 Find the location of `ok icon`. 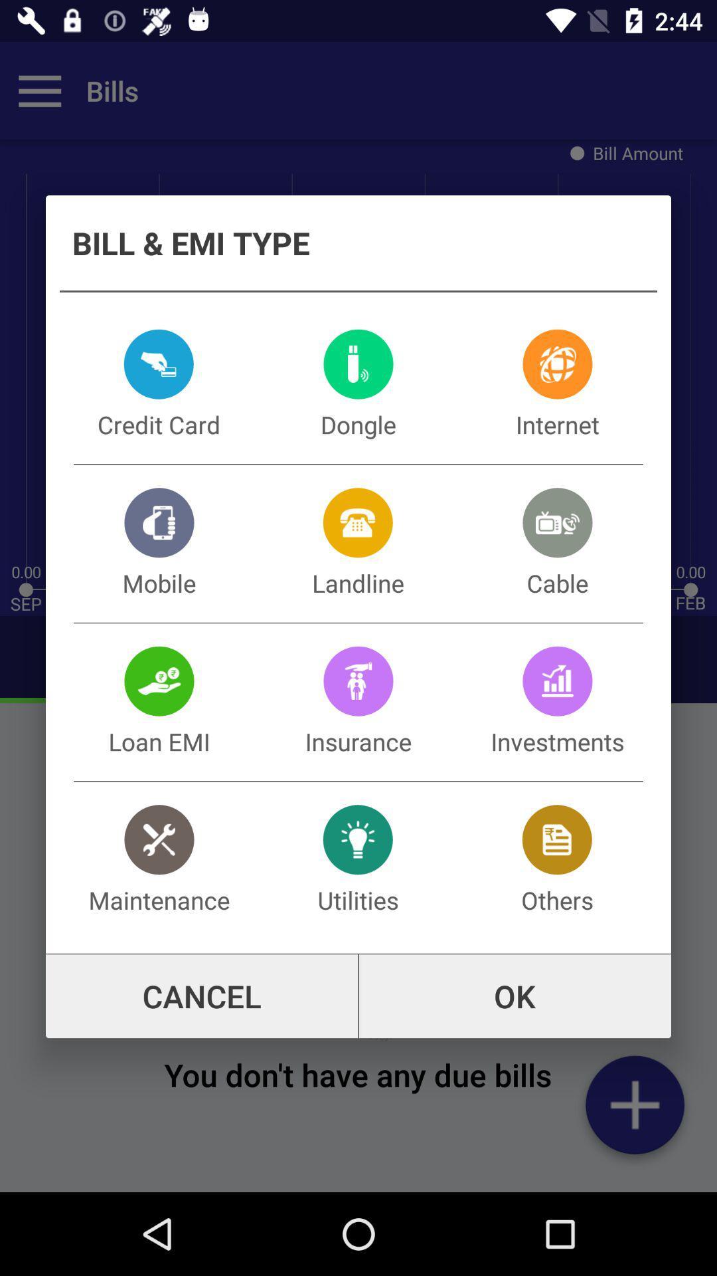

ok icon is located at coordinates (514, 996).